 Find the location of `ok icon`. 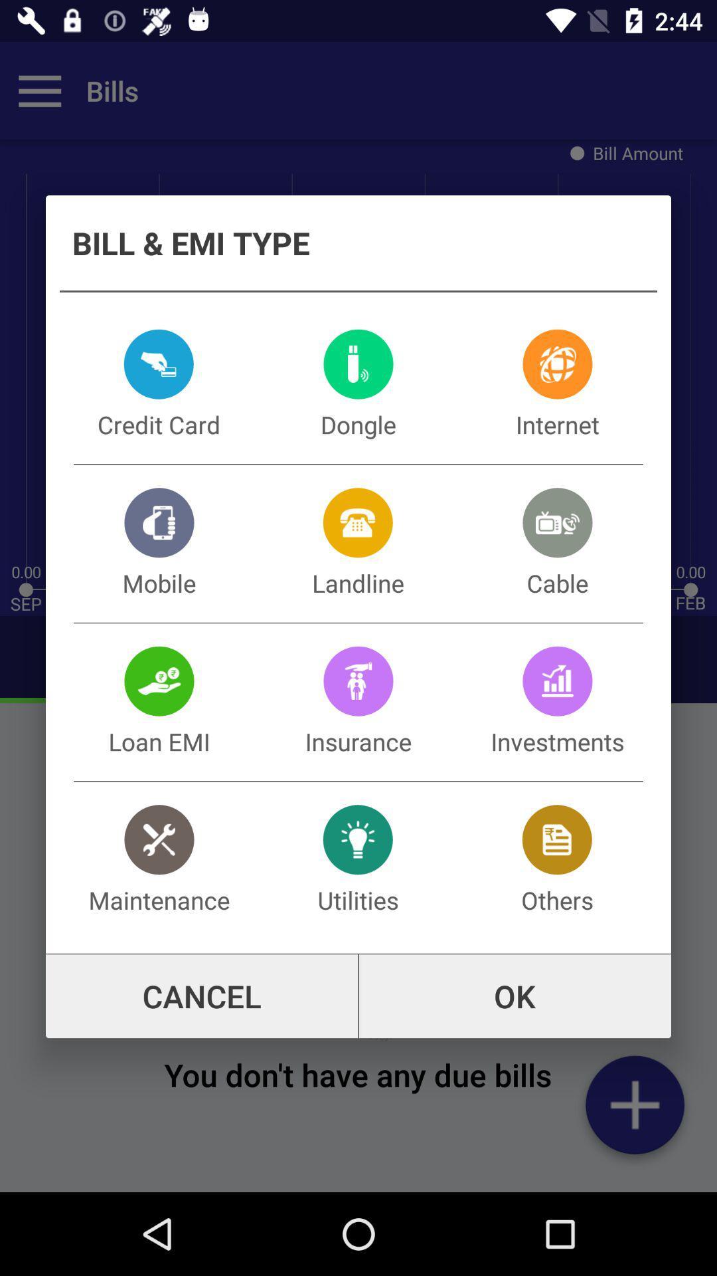

ok icon is located at coordinates (514, 996).